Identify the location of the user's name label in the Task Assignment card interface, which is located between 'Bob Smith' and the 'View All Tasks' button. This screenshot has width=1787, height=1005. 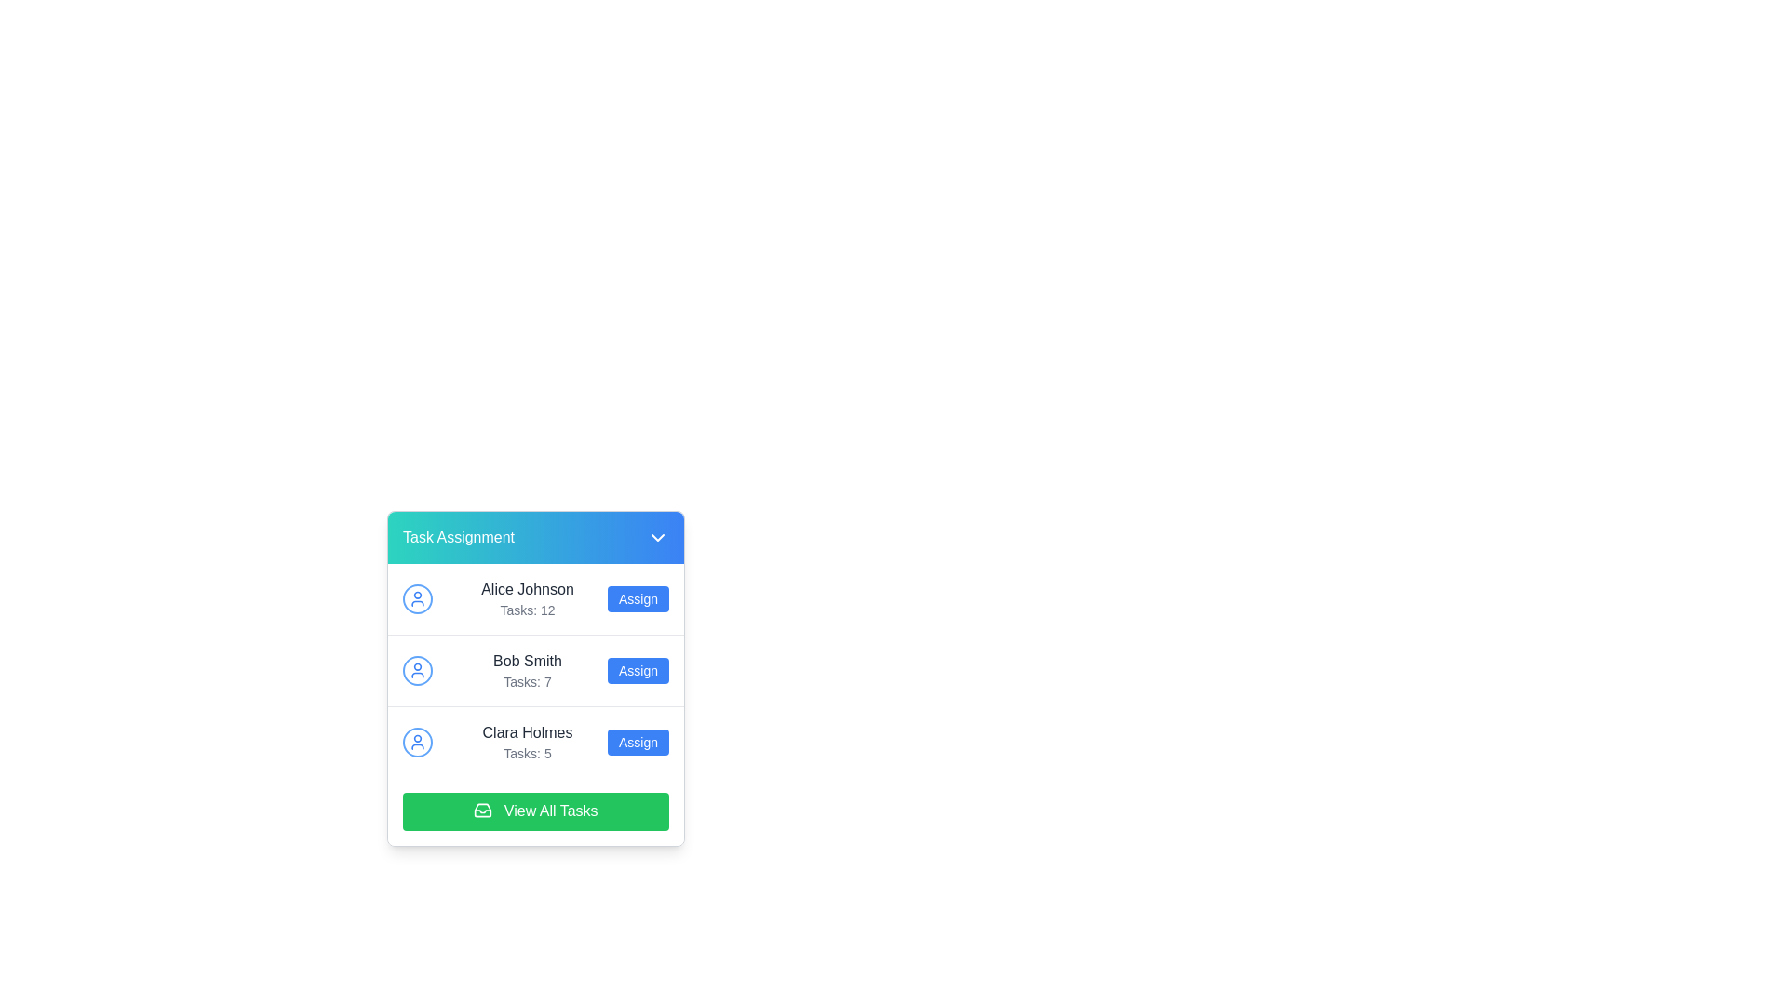
(526, 731).